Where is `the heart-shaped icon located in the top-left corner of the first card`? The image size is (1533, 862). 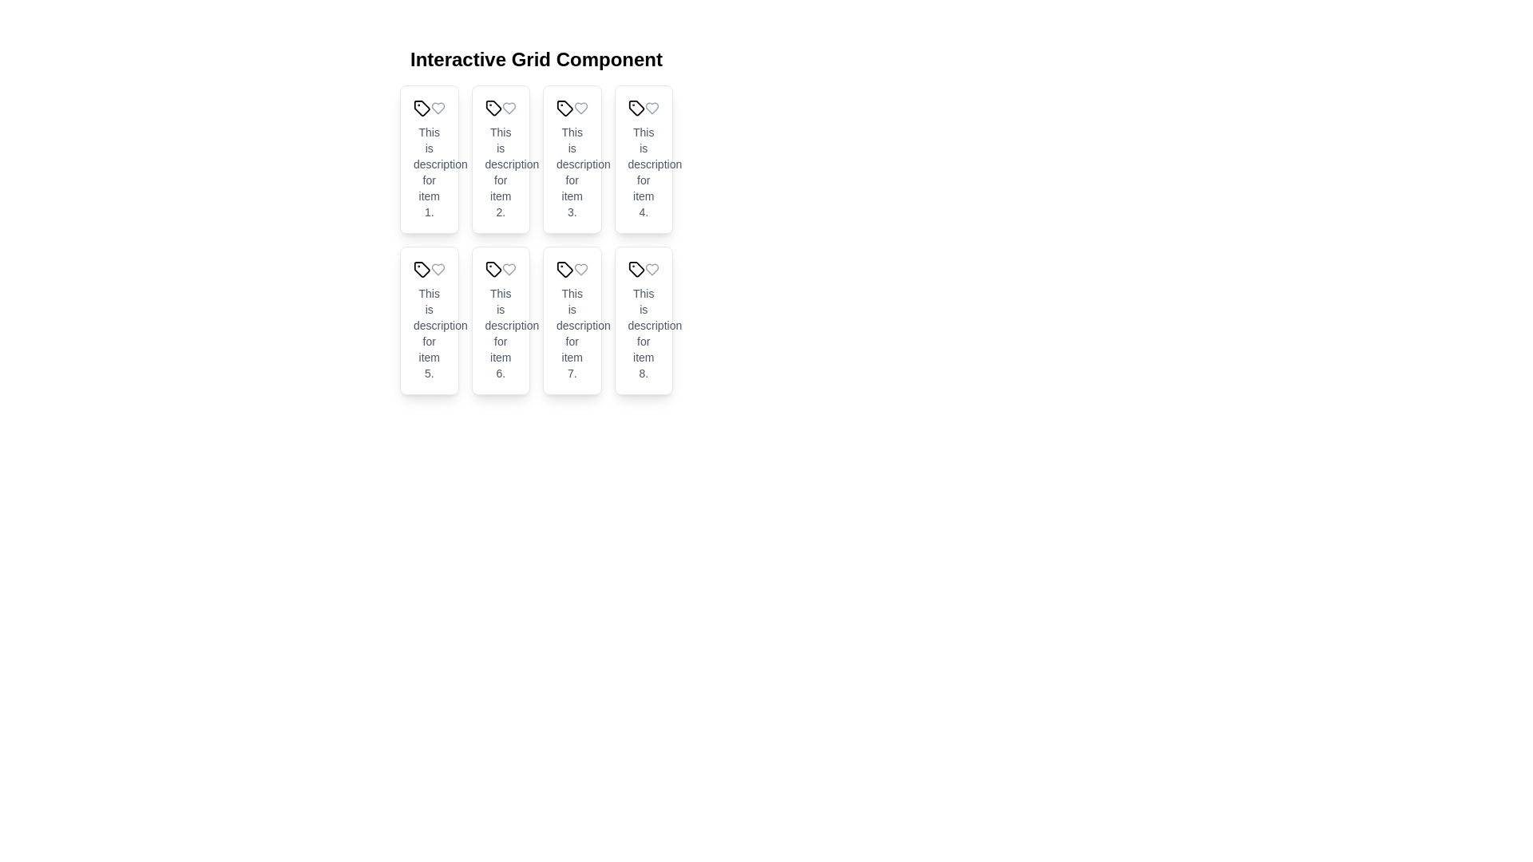
the heart-shaped icon located in the top-left corner of the first card is located at coordinates (438, 108).